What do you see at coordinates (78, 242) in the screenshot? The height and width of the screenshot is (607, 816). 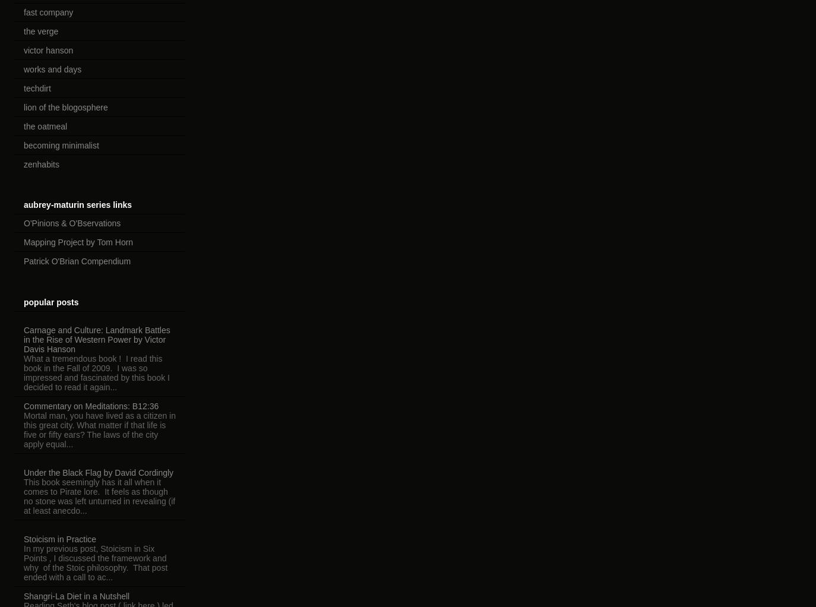 I see `'Mapping Project by Tom Horn'` at bounding box center [78, 242].